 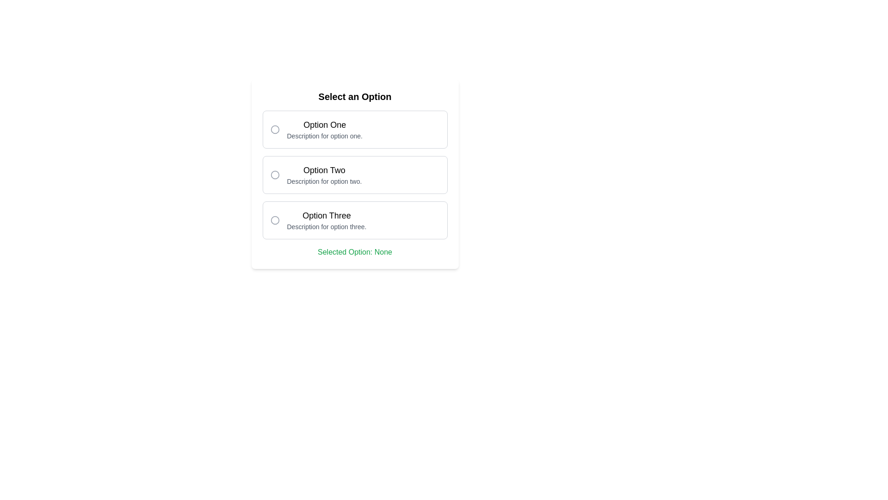 I want to click on the second selectable option, so click(x=354, y=175).